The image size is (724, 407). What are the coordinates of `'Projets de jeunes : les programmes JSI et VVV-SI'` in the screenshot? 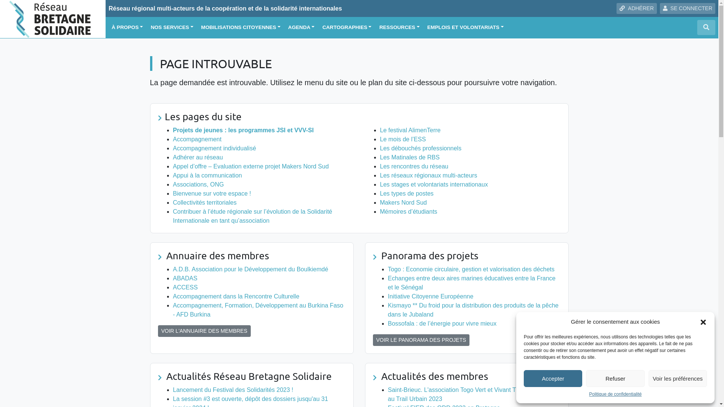 It's located at (243, 130).